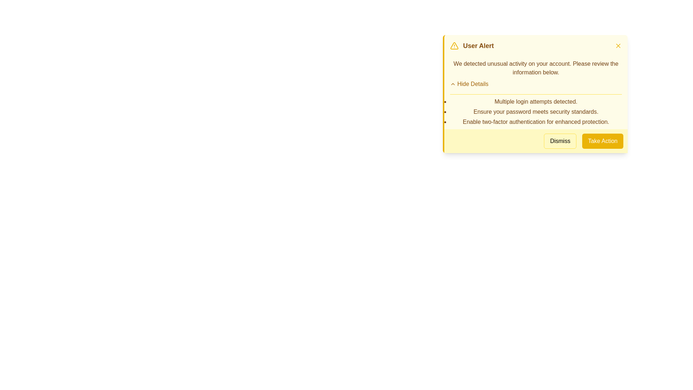 The image size is (693, 390). What do you see at coordinates (454, 46) in the screenshot?
I see `the warning icon located at the top left of the alert box, which is aligned to the left of the header text 'User Alert'` at bounding box center [454, 46].